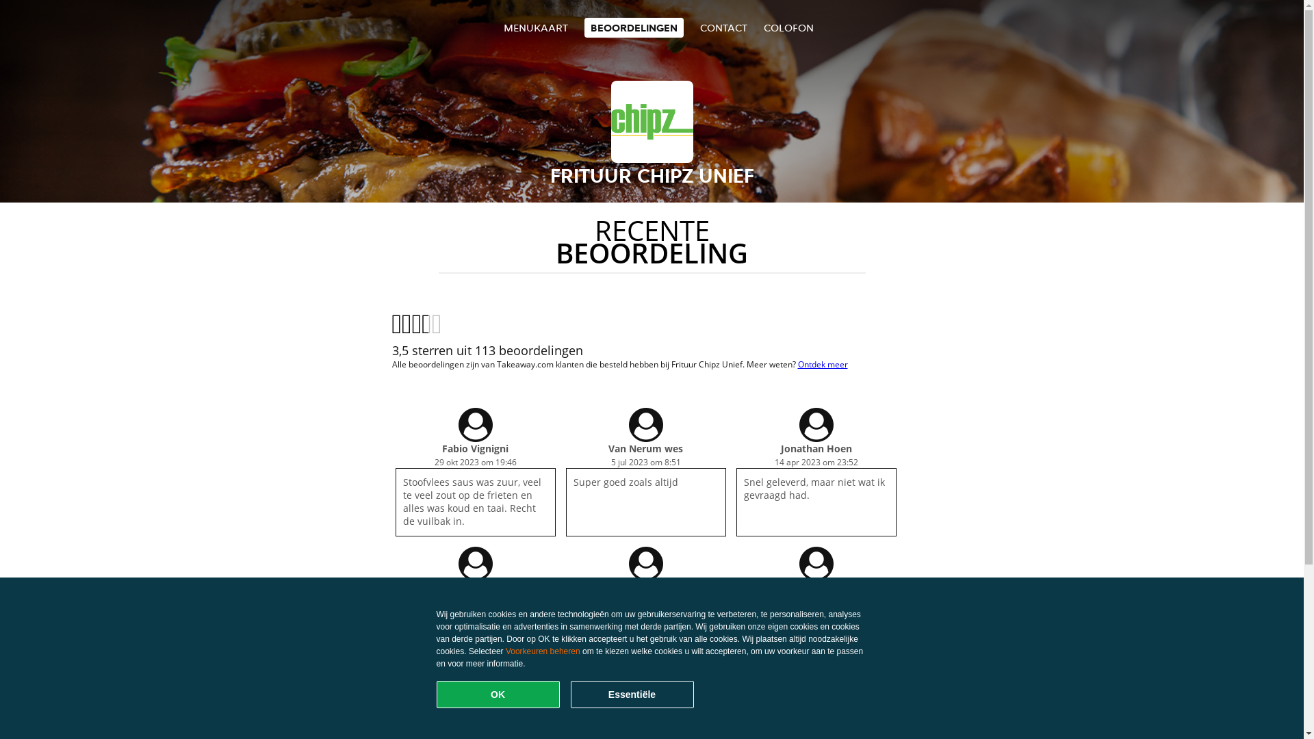 Image resolution: width=1314 pixels, height=739 pixels. Describe the element at coordinates (822, 363) in the screenshot. I see `'Ontdek meer'` at that location.